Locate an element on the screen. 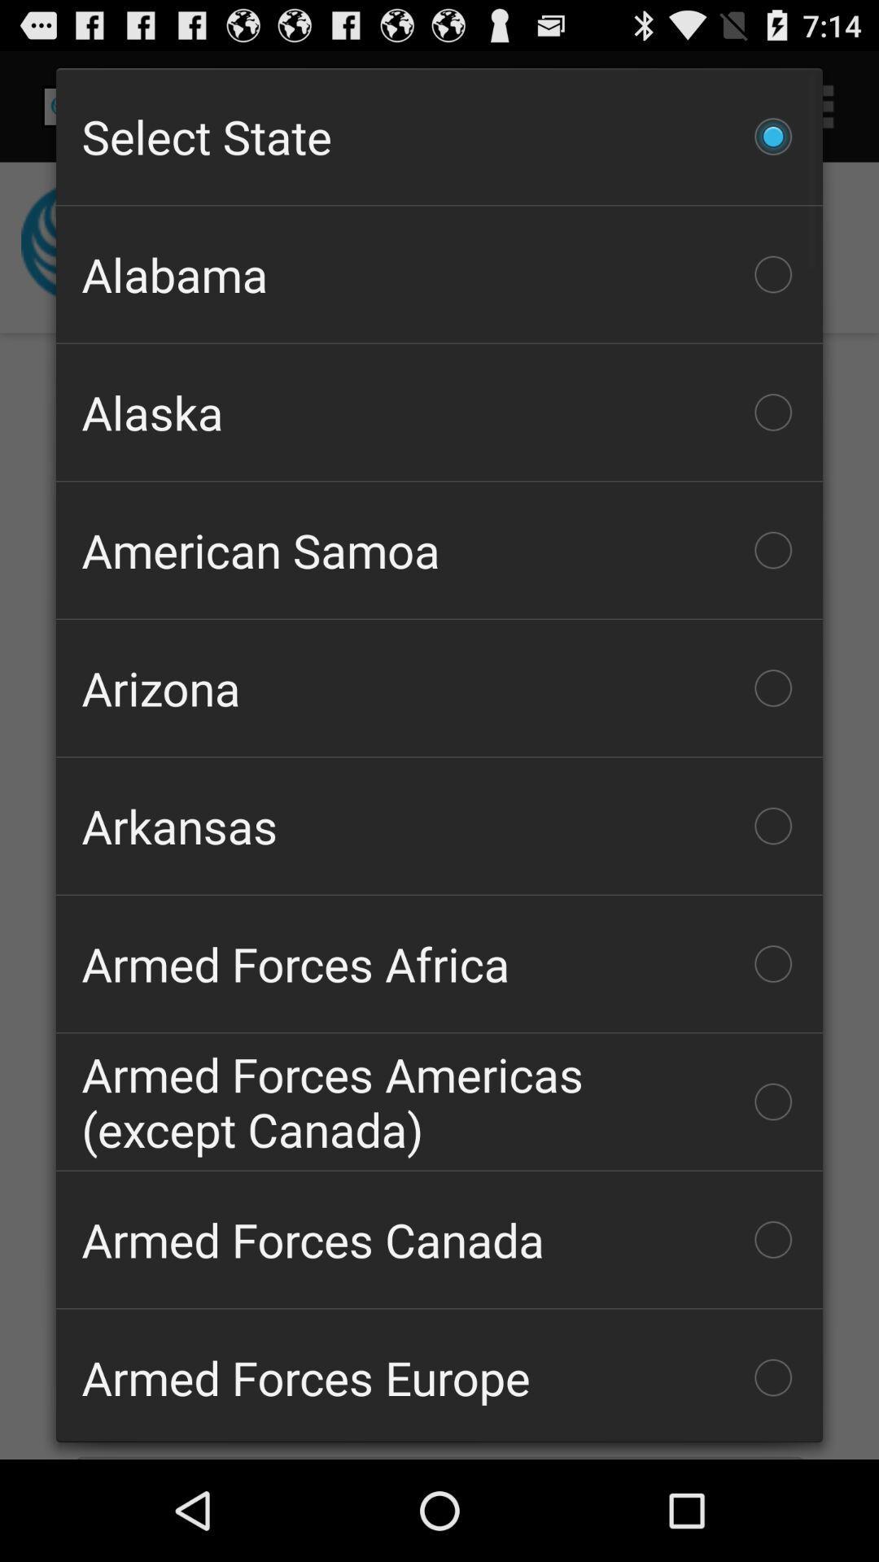 The height and width of the screenshot is (1562, 879). the arkansas checkbox is located at coordinates (439, 826).